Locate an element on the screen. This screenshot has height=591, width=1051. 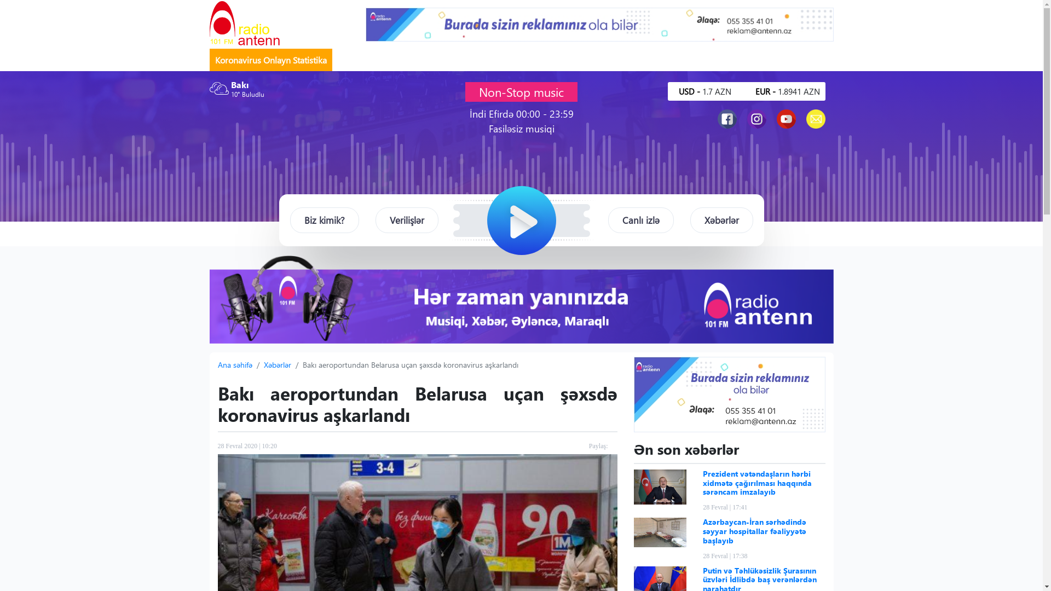
'Biz kimik?' is located at coordinates (324, 220).